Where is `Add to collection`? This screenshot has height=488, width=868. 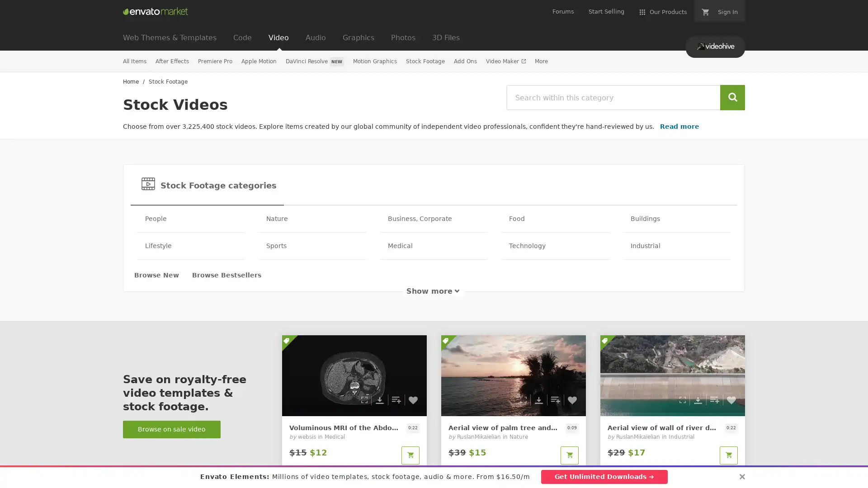 Add to collection is located at coordinates (714, 399).